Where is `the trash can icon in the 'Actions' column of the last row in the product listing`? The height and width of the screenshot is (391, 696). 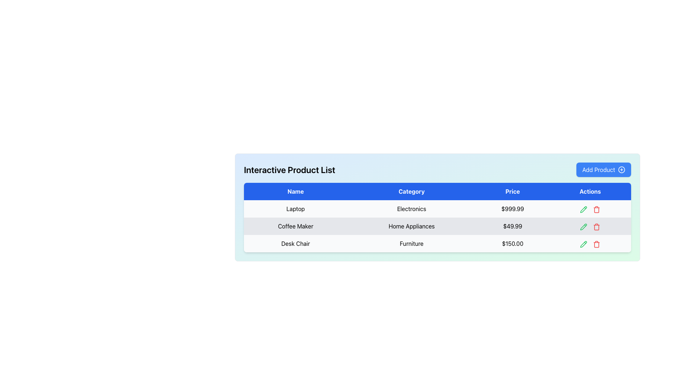
the trash can icon in the 'Actions' column of the last row in the product listing is located at coordinates (597, 243).